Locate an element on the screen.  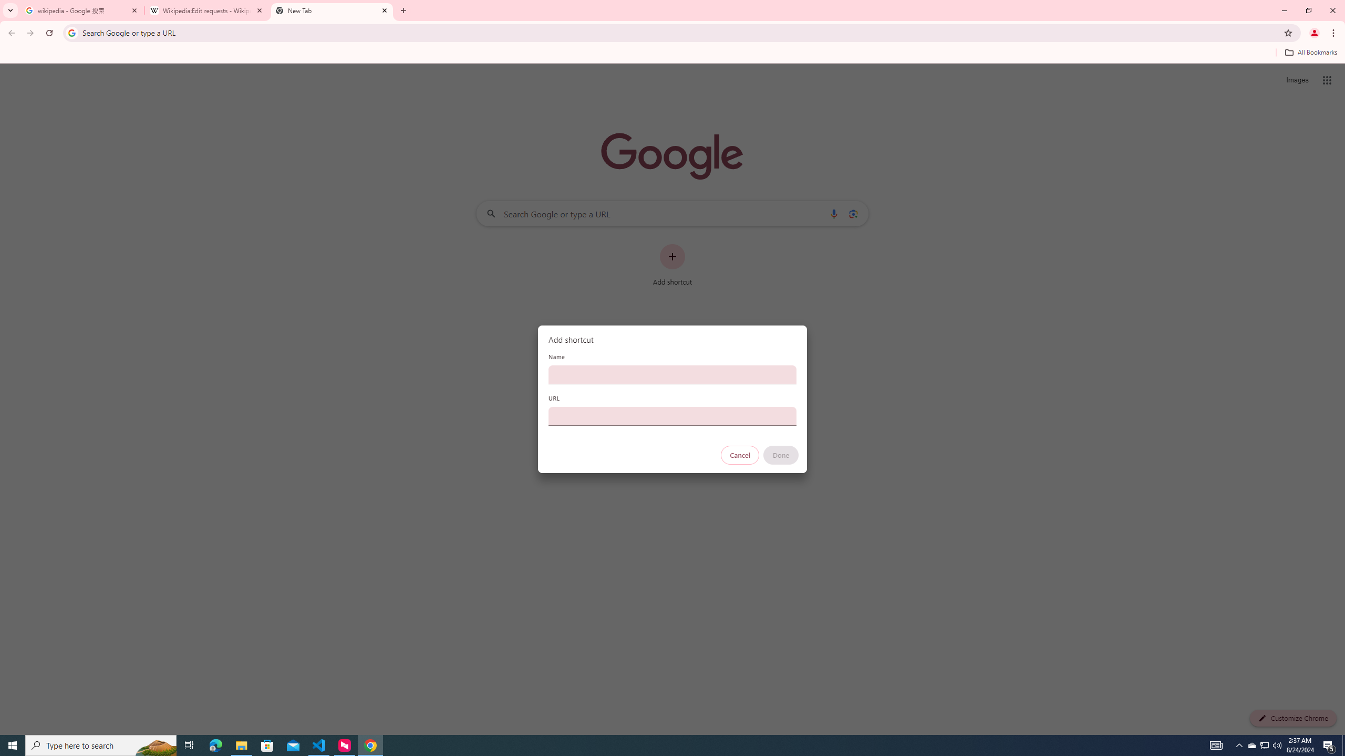
'Forward' is located at coordinates (30, 33).